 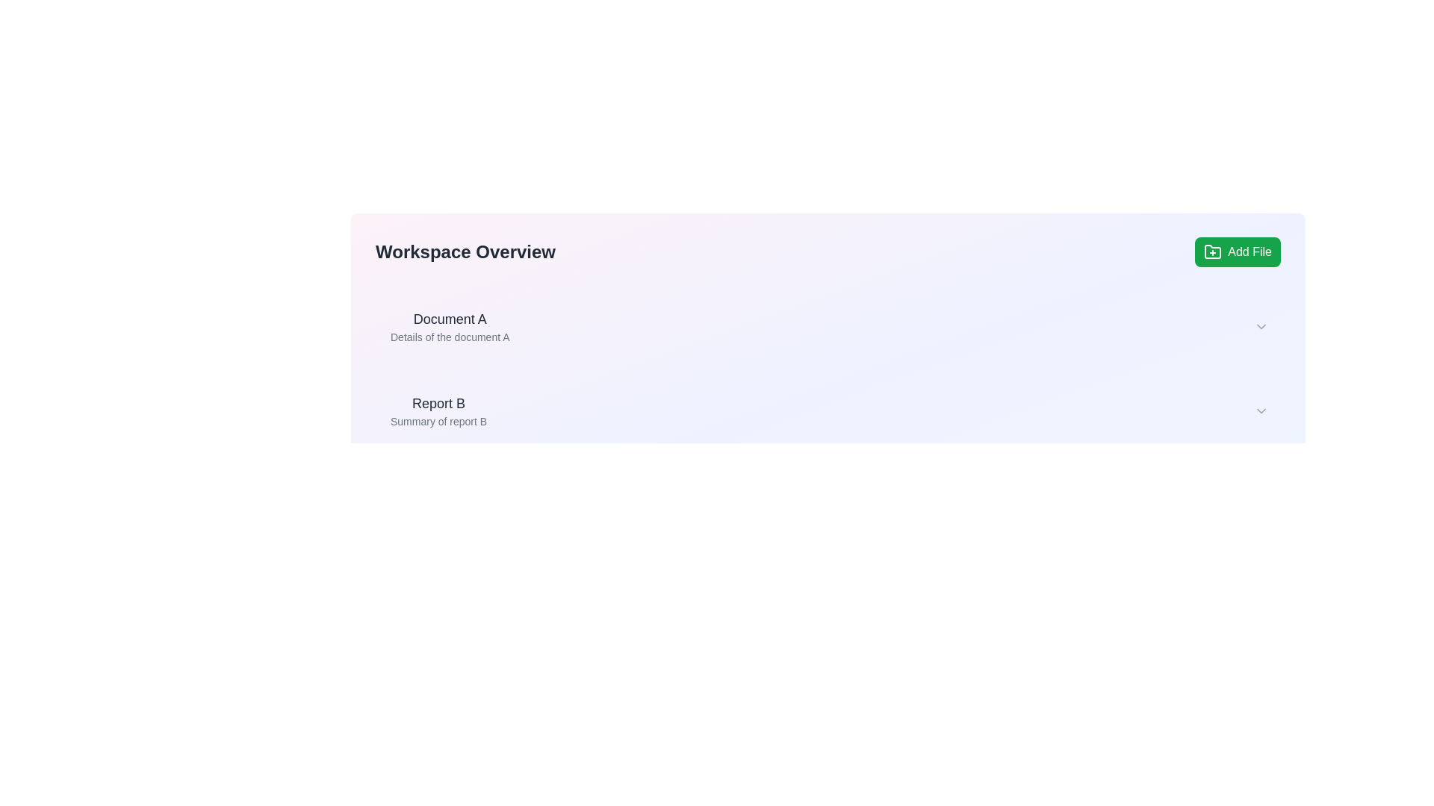 What do you see at coordinates (437, 411) in the screenshot?
I see `the text display element titled 'Report B'` at bounding box center [437, 411].